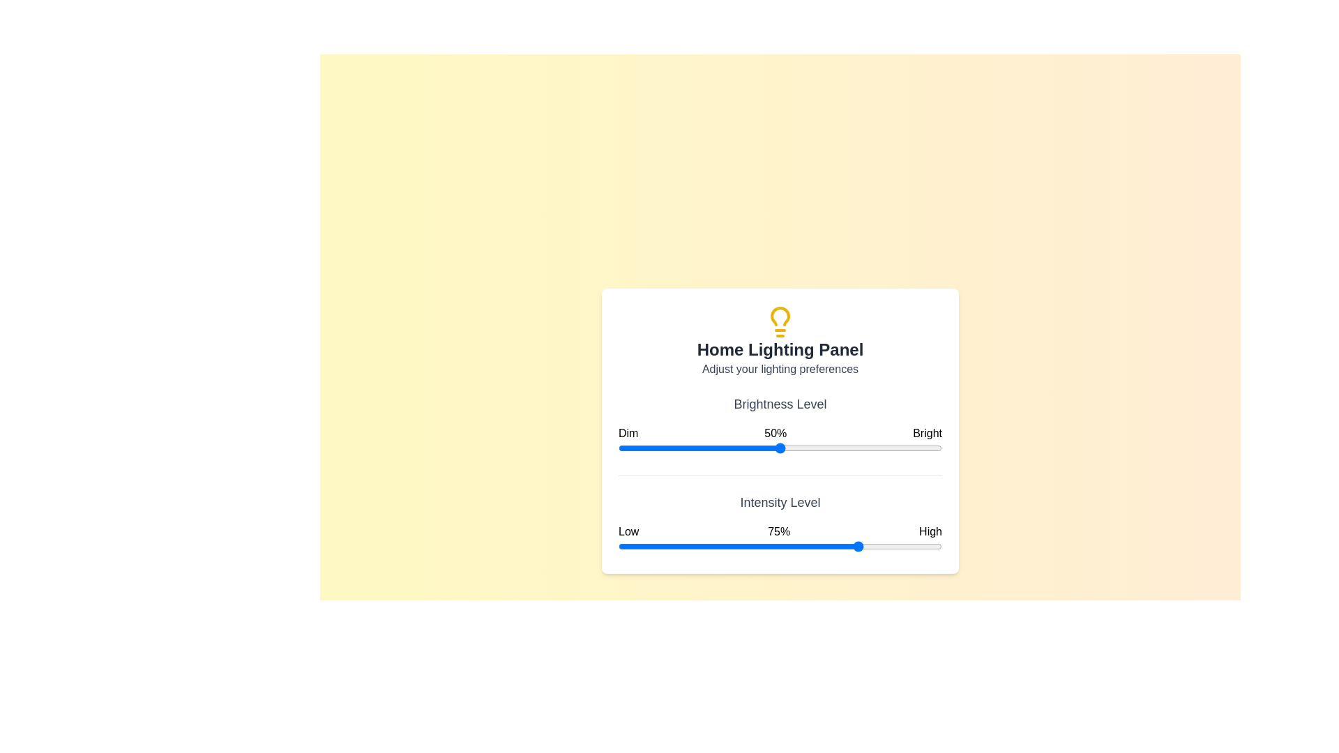 Image resolution: width=1339 pixels, height=753 pixels. What do you see at coordinates (686, 545) in the screenshot?
I see `the Intensity Level slider` at bounding box center [686, 545].